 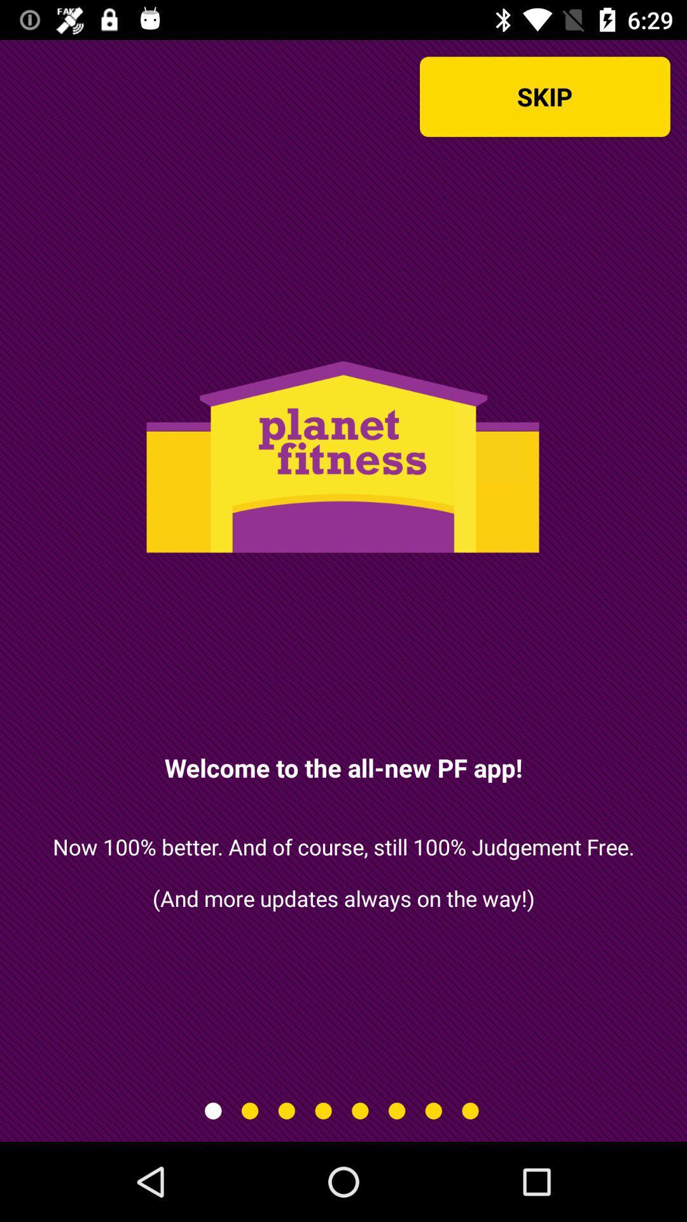 I want to click on the skip item, so click(x=544, y=96).